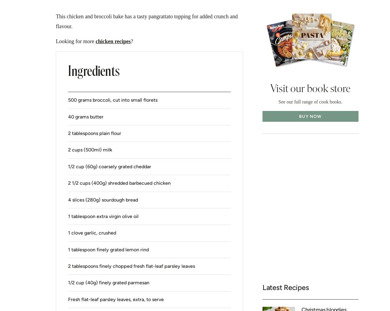 This screenshot has width=390, height=311. I want to click on '4 slices (280g) sourdough bread', so click(103, 199).